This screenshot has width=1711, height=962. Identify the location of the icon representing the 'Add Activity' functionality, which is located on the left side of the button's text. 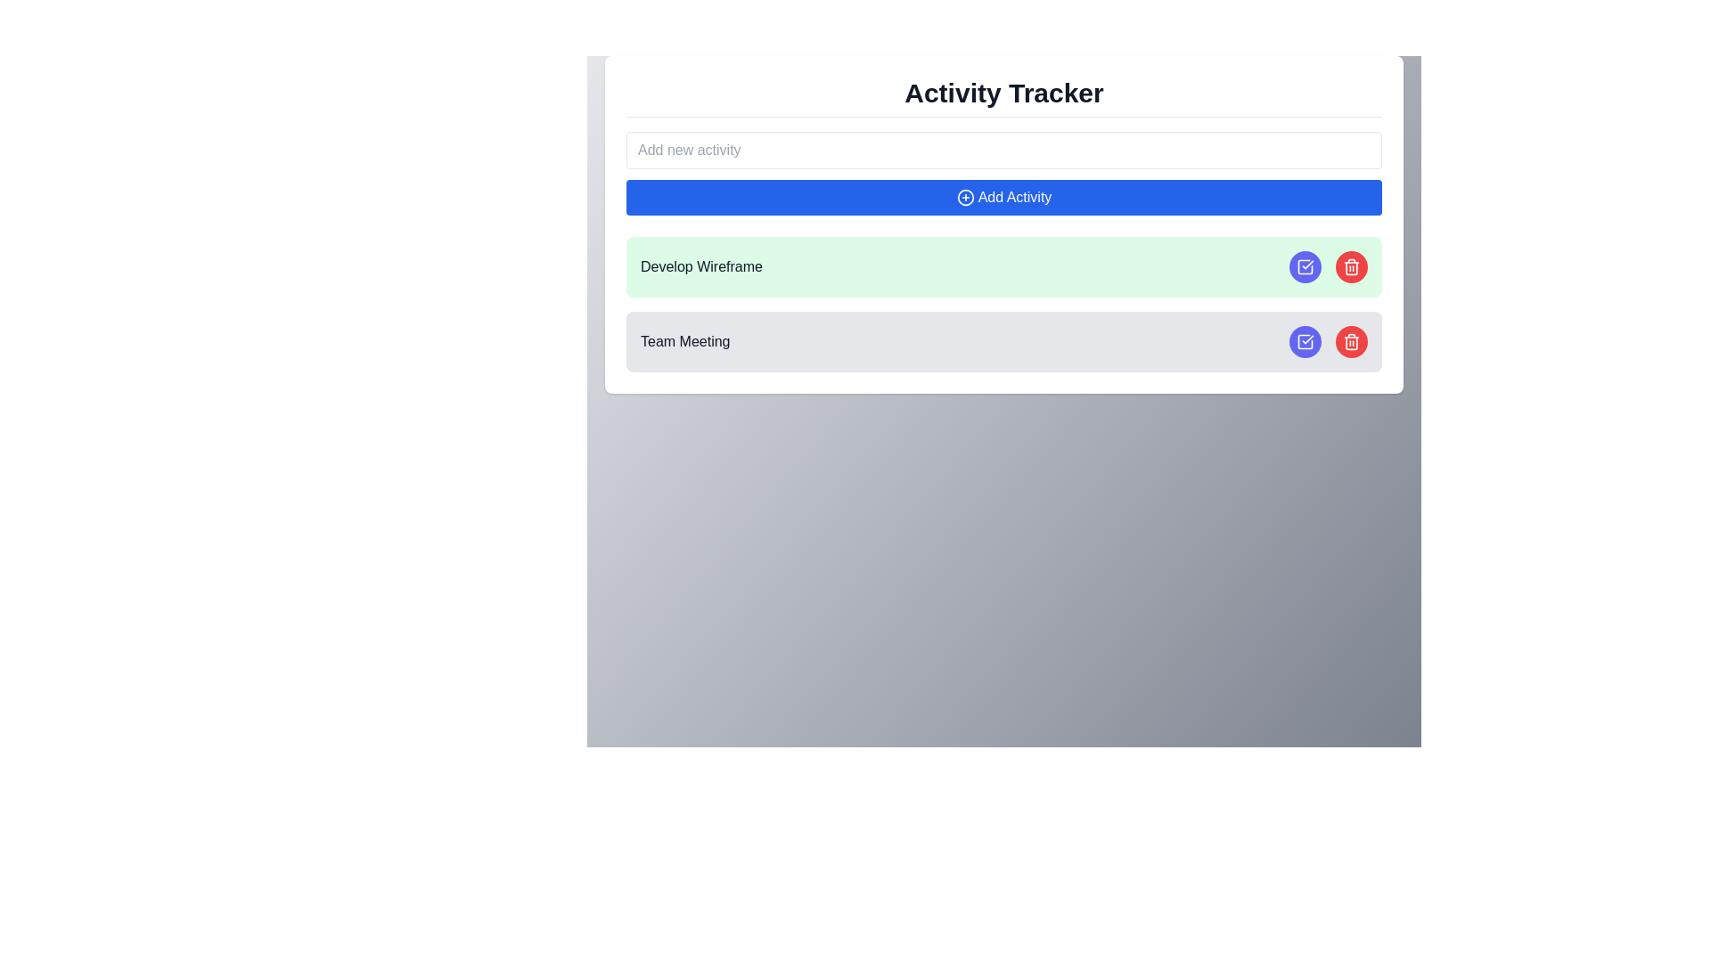
(964, 198).